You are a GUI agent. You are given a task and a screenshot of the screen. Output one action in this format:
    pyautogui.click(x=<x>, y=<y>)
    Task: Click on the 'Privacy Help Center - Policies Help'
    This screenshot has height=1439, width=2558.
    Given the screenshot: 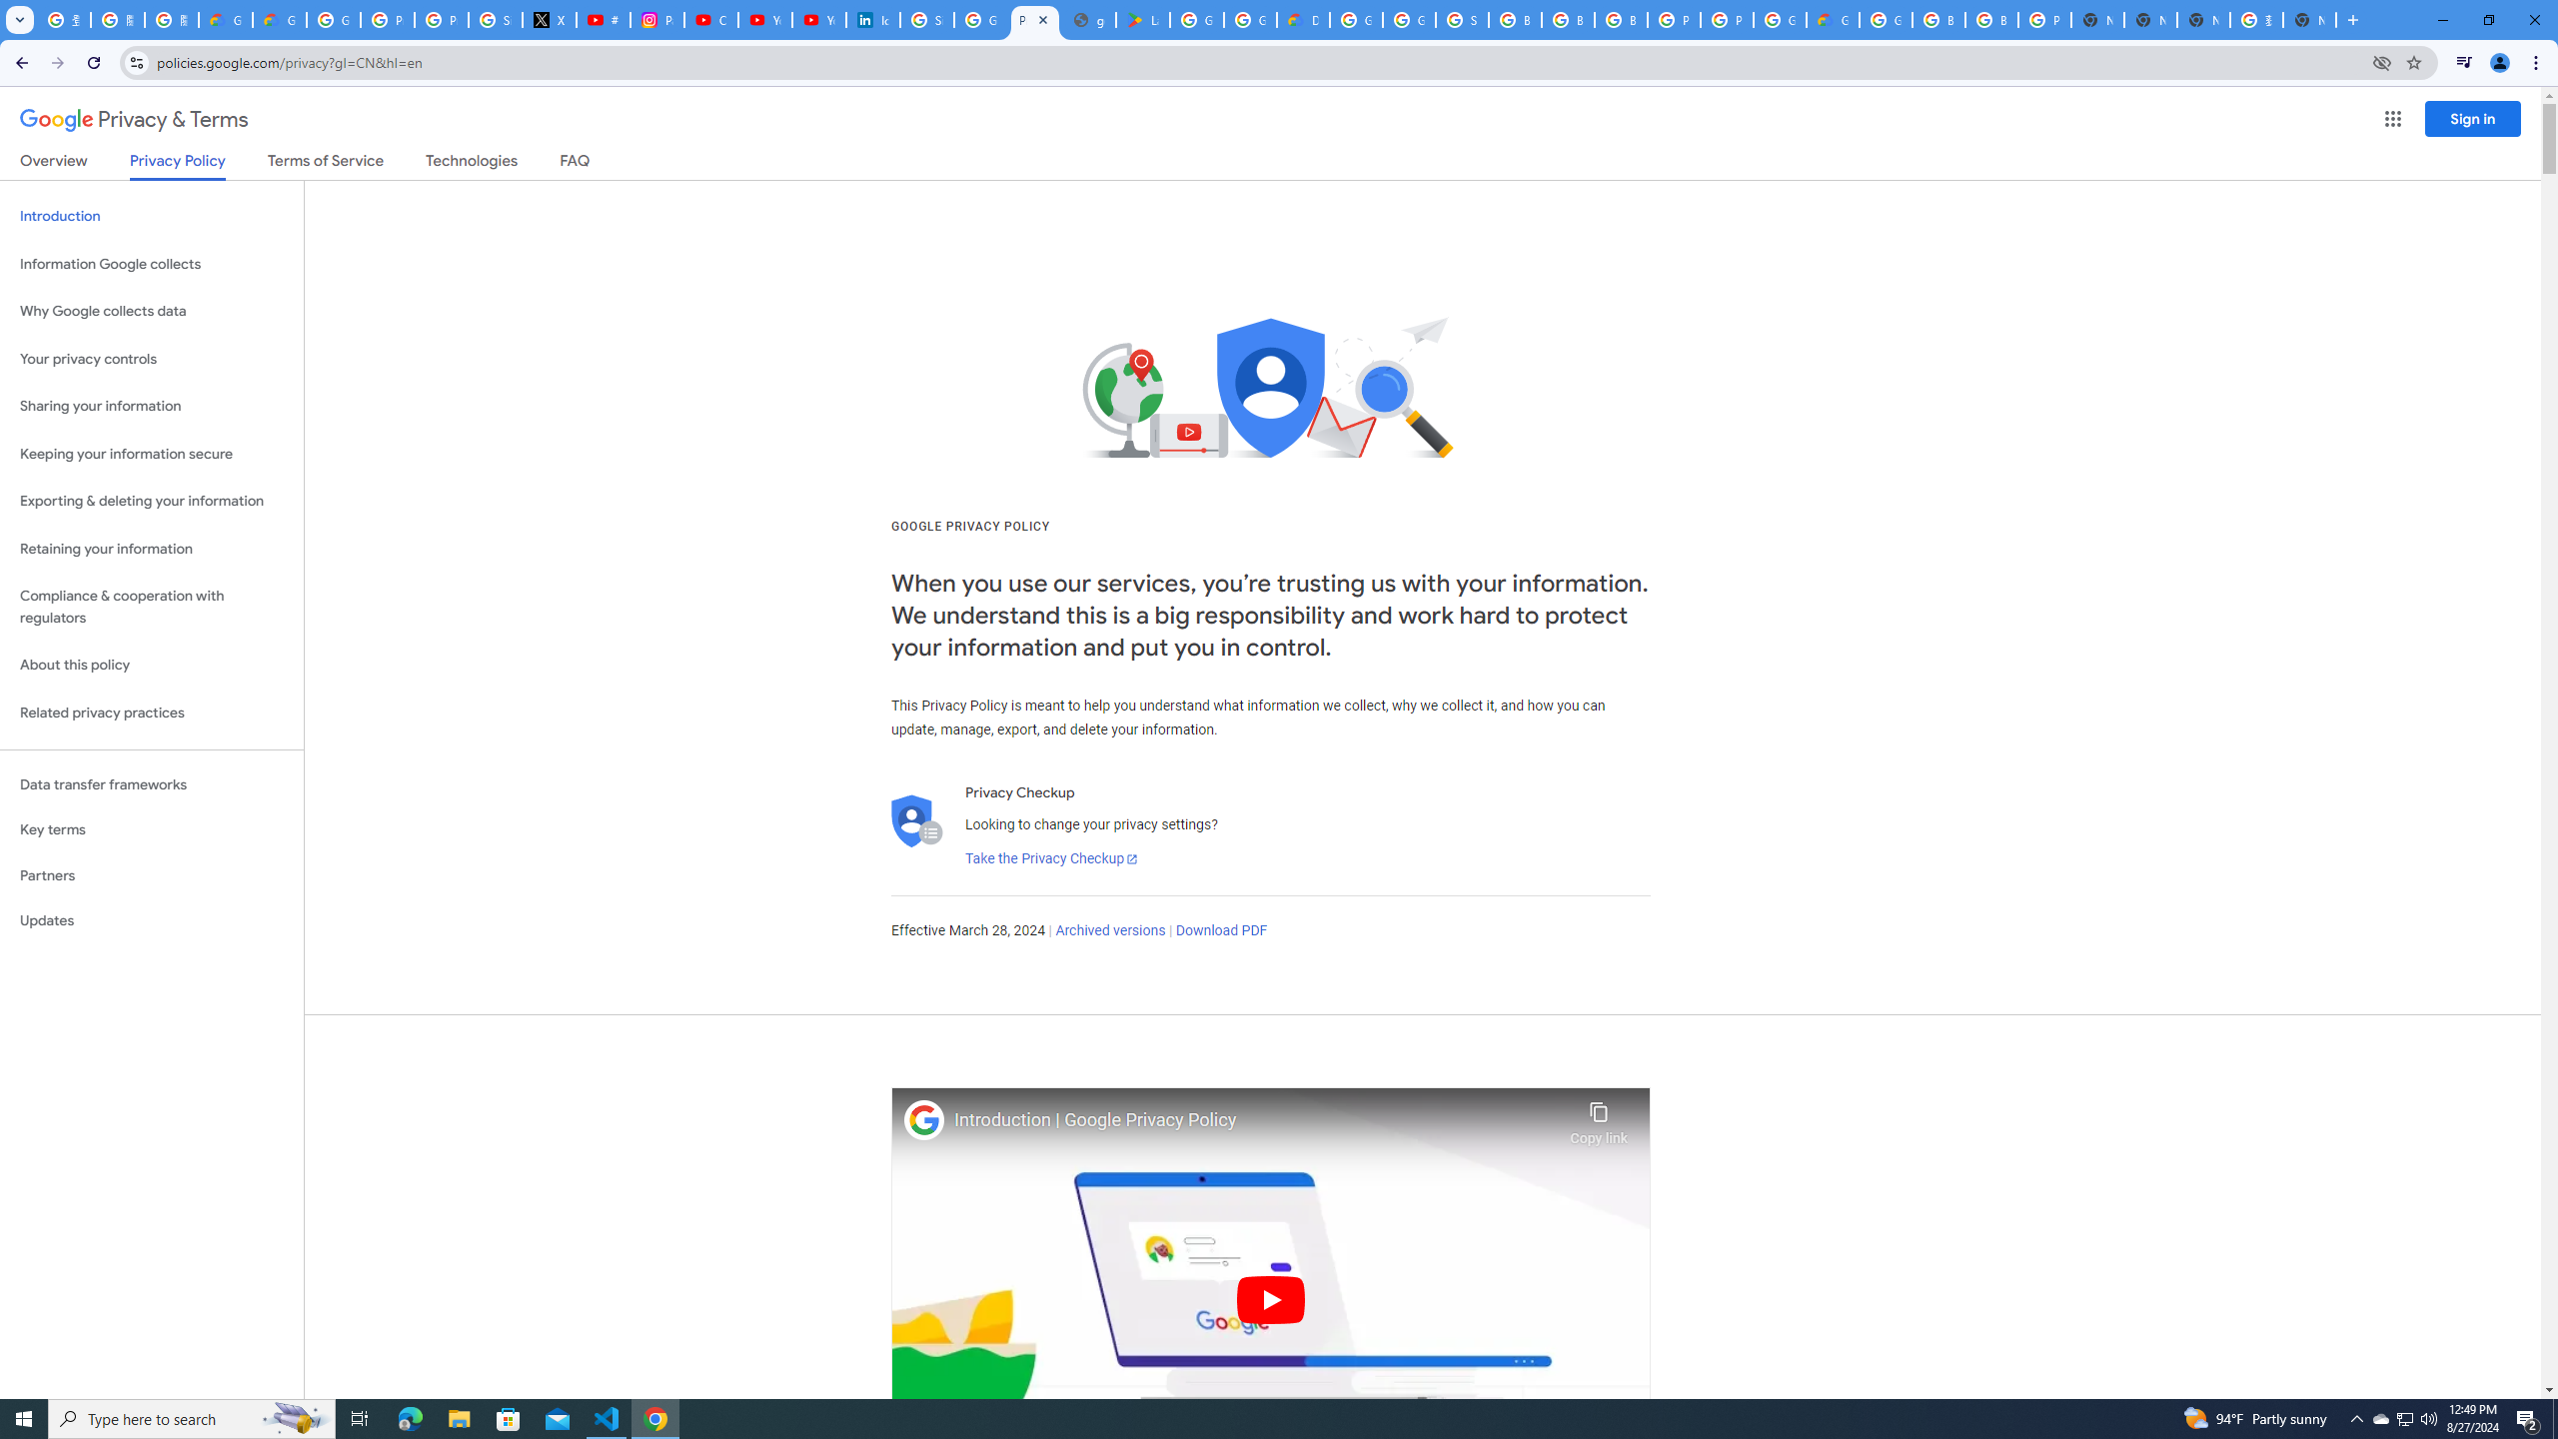 What is the action you would take?
    pyautogui.click(x=441, y=19)
    